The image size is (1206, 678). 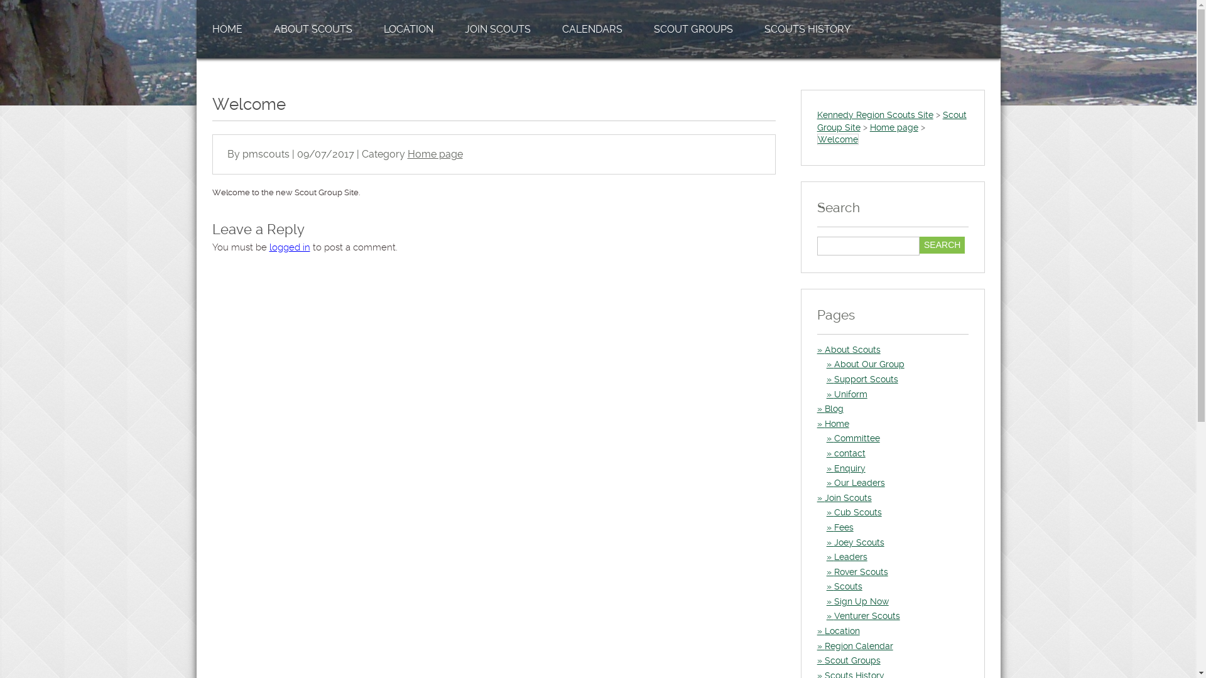 I want to click on 'contact', so click(x=846, y=453).